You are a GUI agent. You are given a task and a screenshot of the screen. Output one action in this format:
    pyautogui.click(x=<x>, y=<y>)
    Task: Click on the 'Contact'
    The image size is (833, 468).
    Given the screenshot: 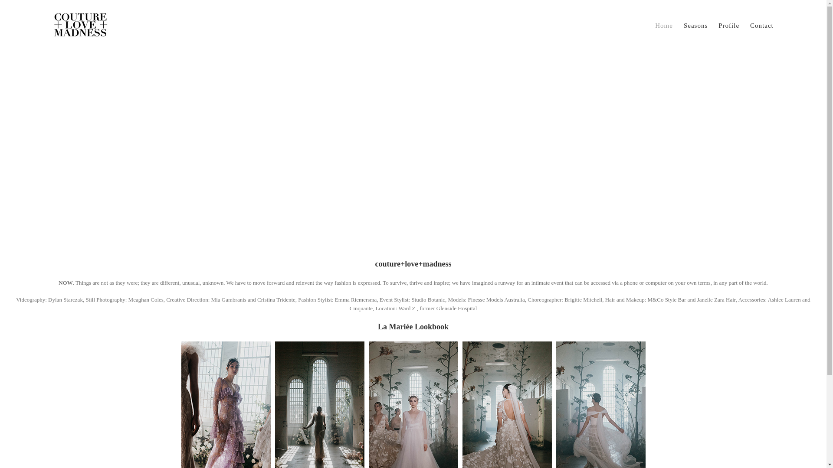 What is the action you would take?
    pyautogui.click(x=761, y=25)
    